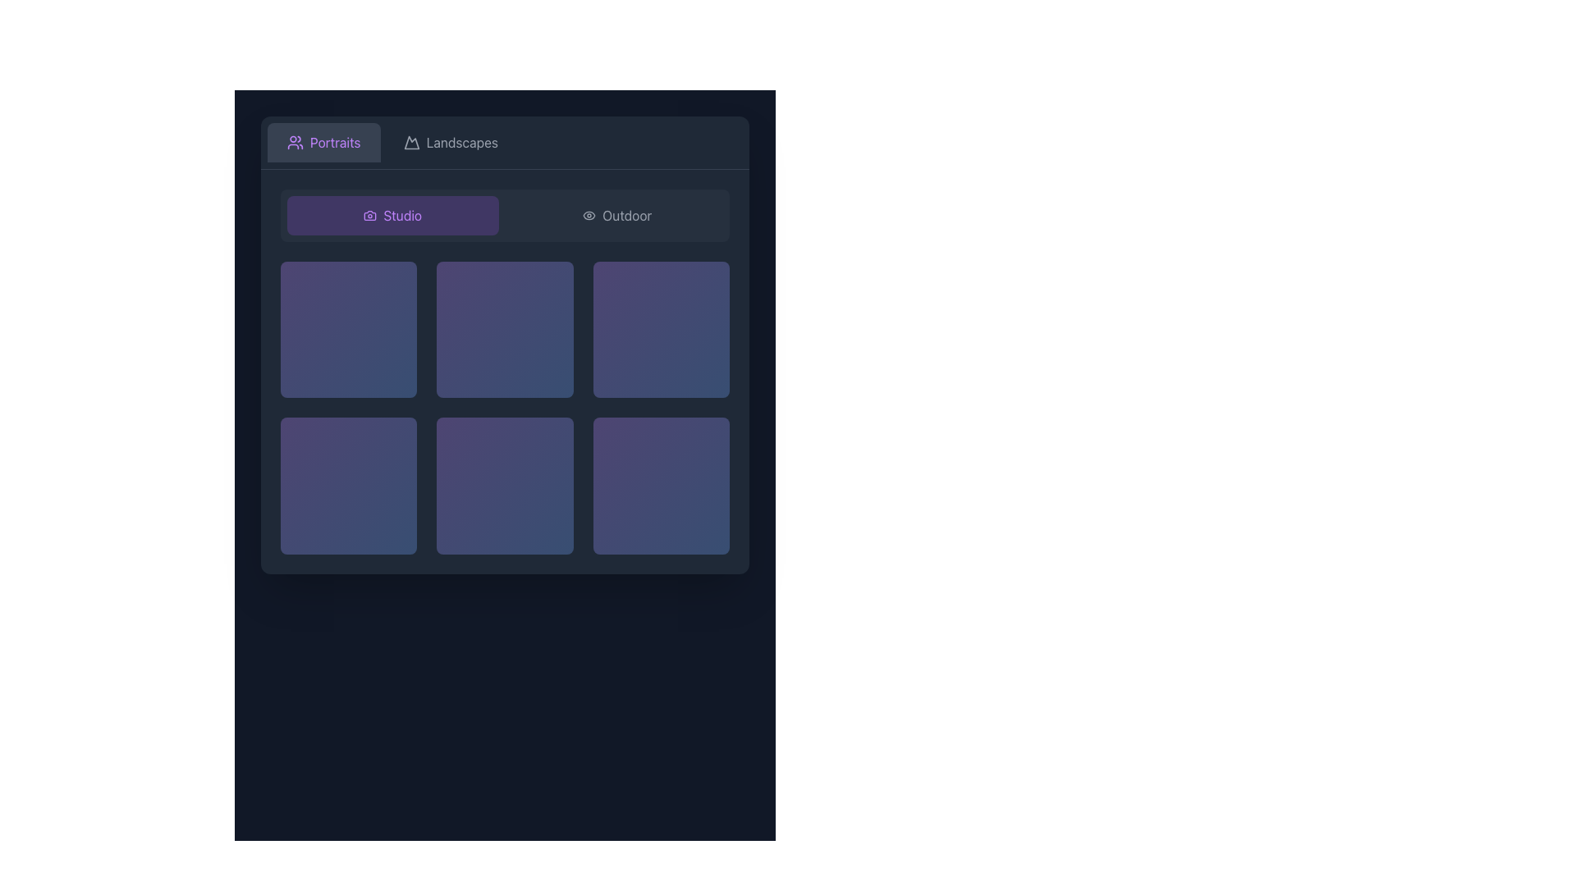  Describe the element at coordinates (334, 141) in the screenshot. I see `the 'Portraits' text label, which is styled in purple and located in the top-left section of the interface within a horizontal navigation tab` at that location.